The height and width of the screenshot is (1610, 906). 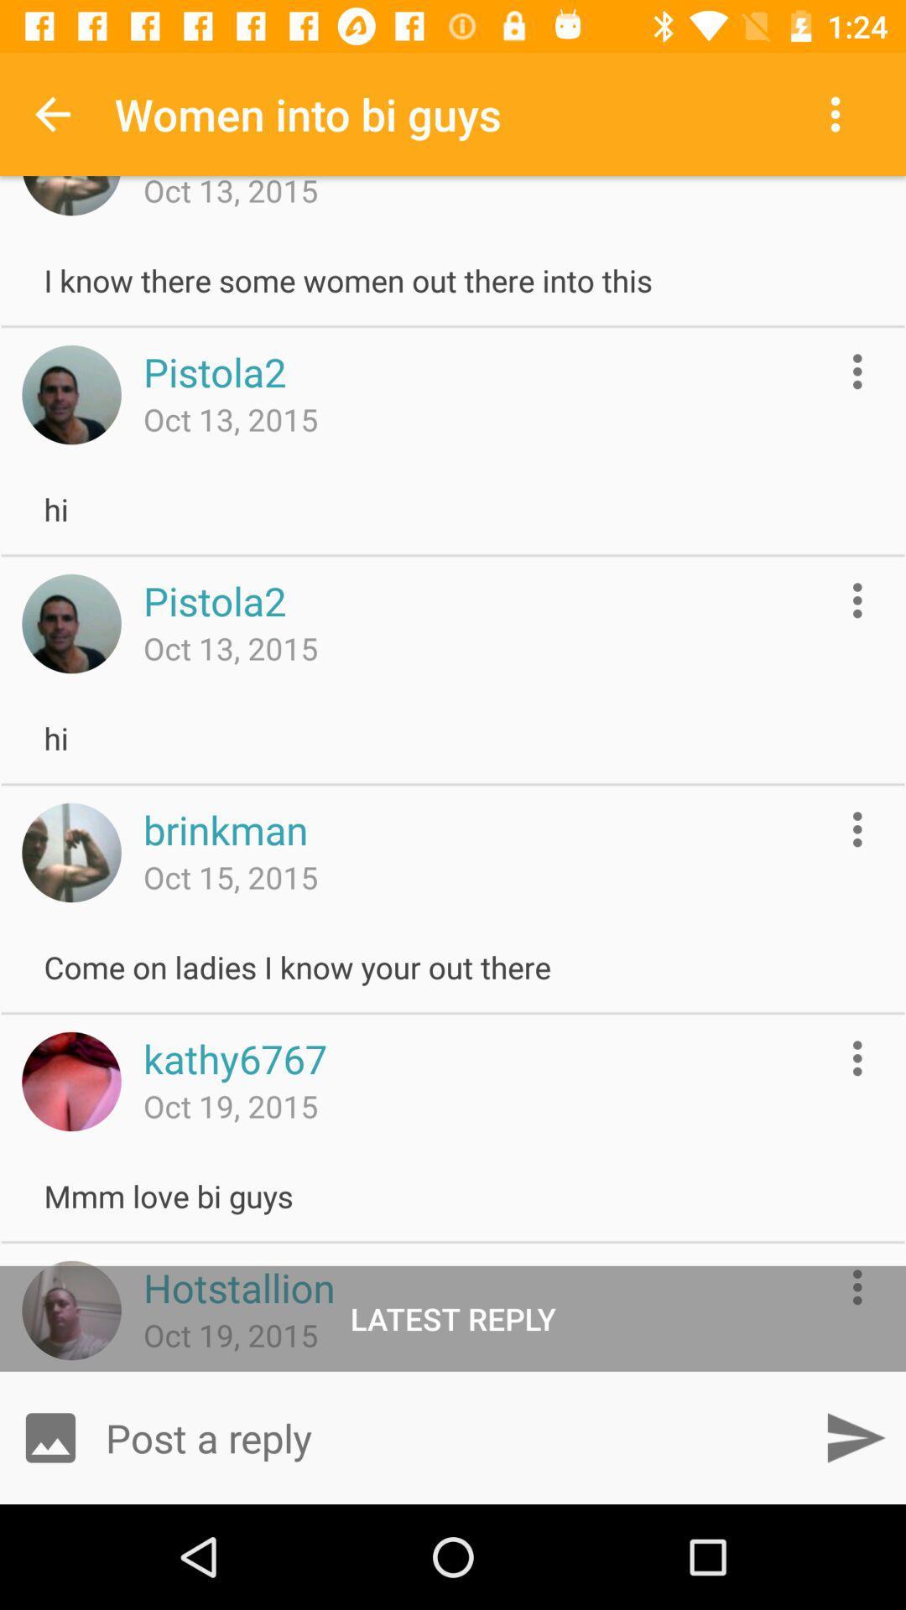 I want to click on icon above the oct 15, 2015, so click(x=225, y=829).